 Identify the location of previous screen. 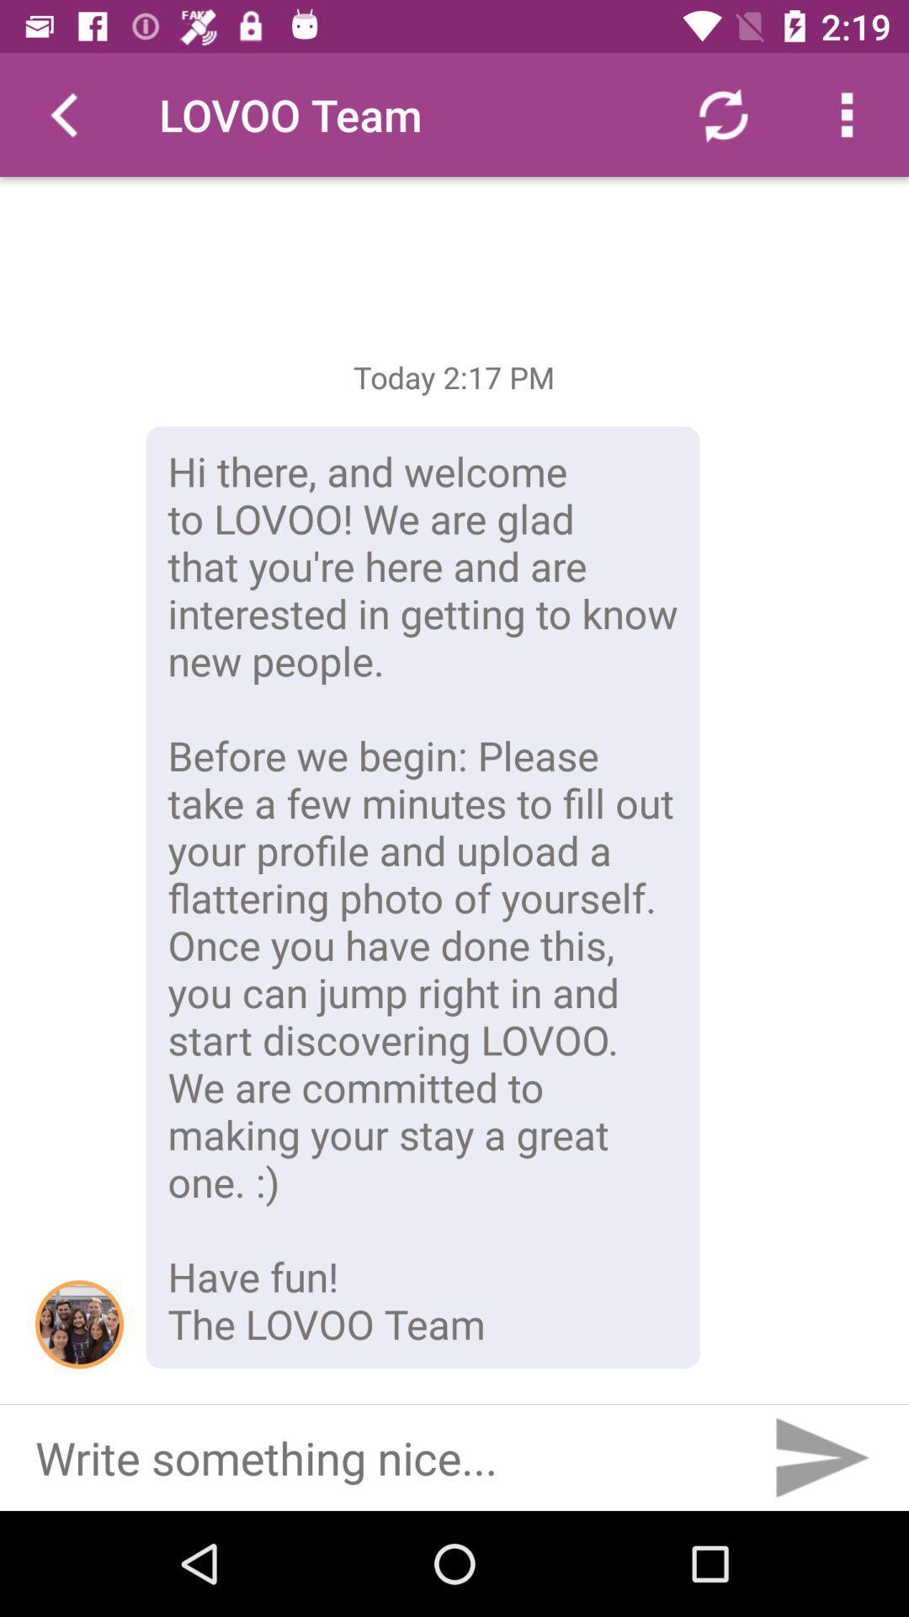
(61, 114).